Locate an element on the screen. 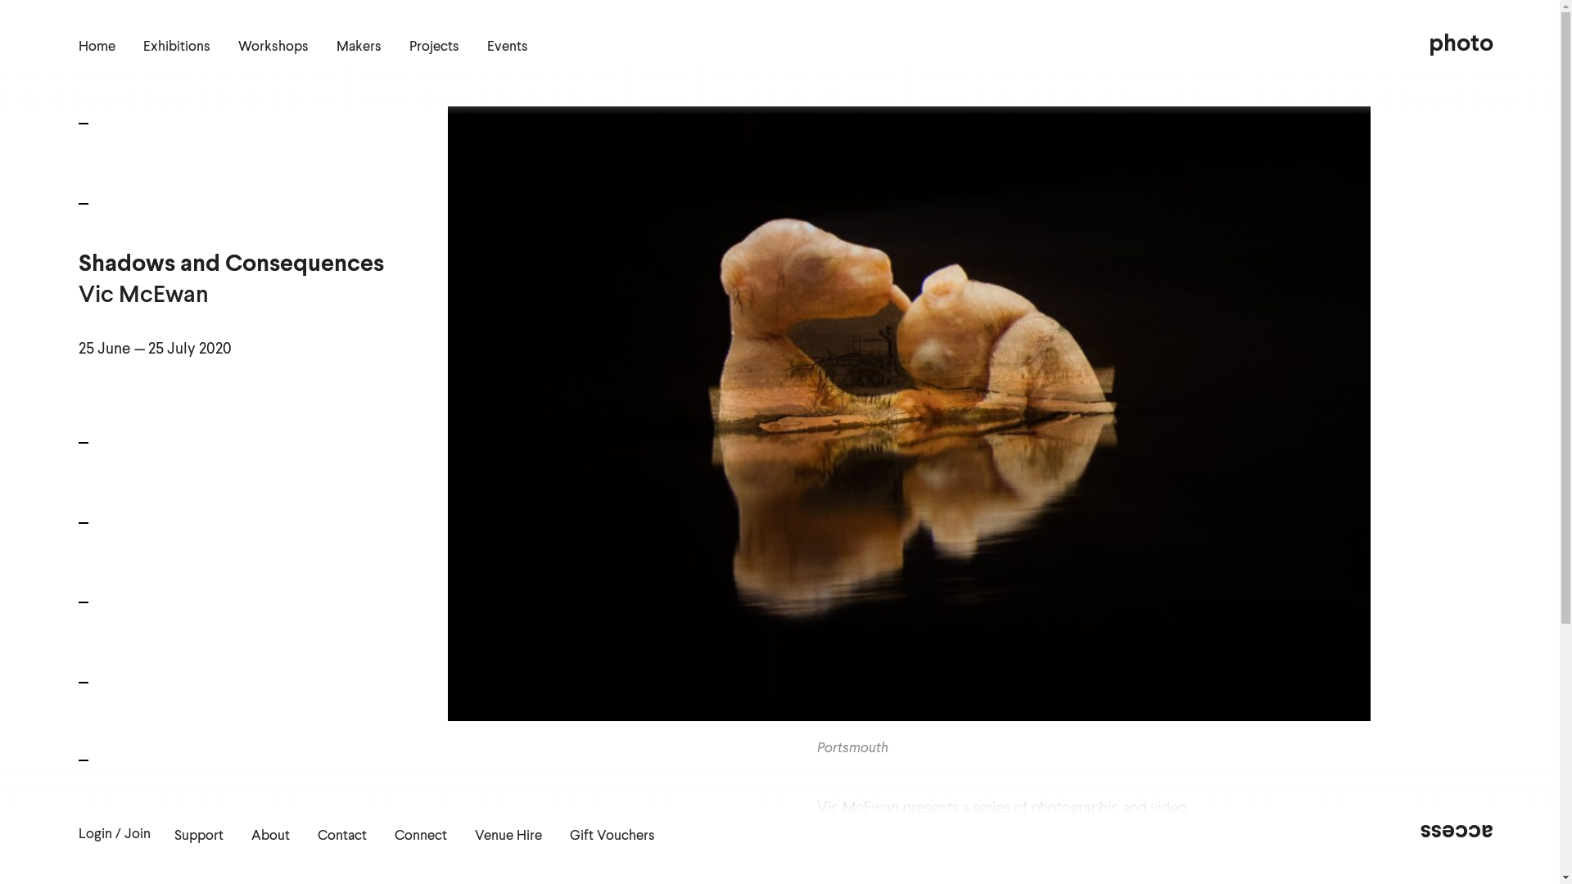 The height and width of the screenshot is (884, 1572). 'Gift Vouchers' is located at coordinates (570, 836).